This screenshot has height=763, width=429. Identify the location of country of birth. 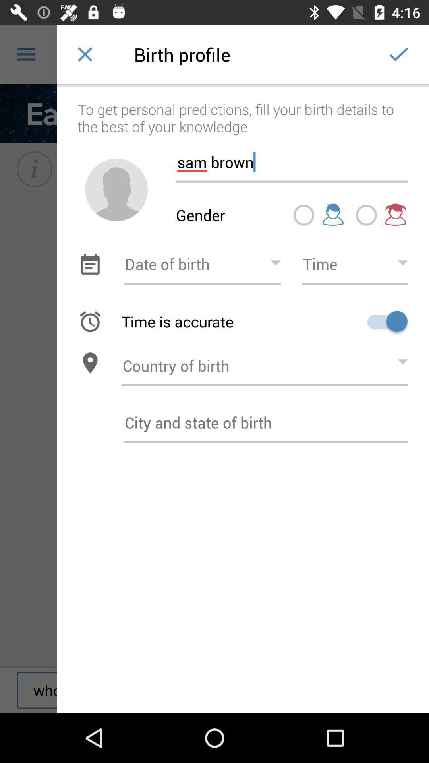
(265, 362).